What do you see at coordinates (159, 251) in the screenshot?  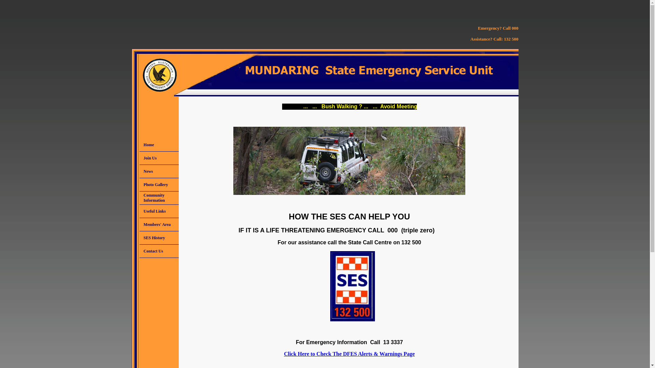 I see `'Contact Us'` at bounding box center [159, 251].